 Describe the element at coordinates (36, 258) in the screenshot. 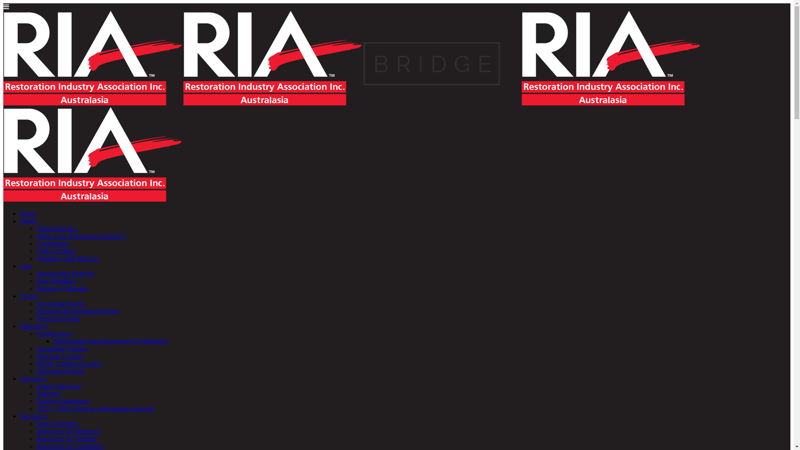

I see `'Volunteer with RIA Inc.'` at that location.